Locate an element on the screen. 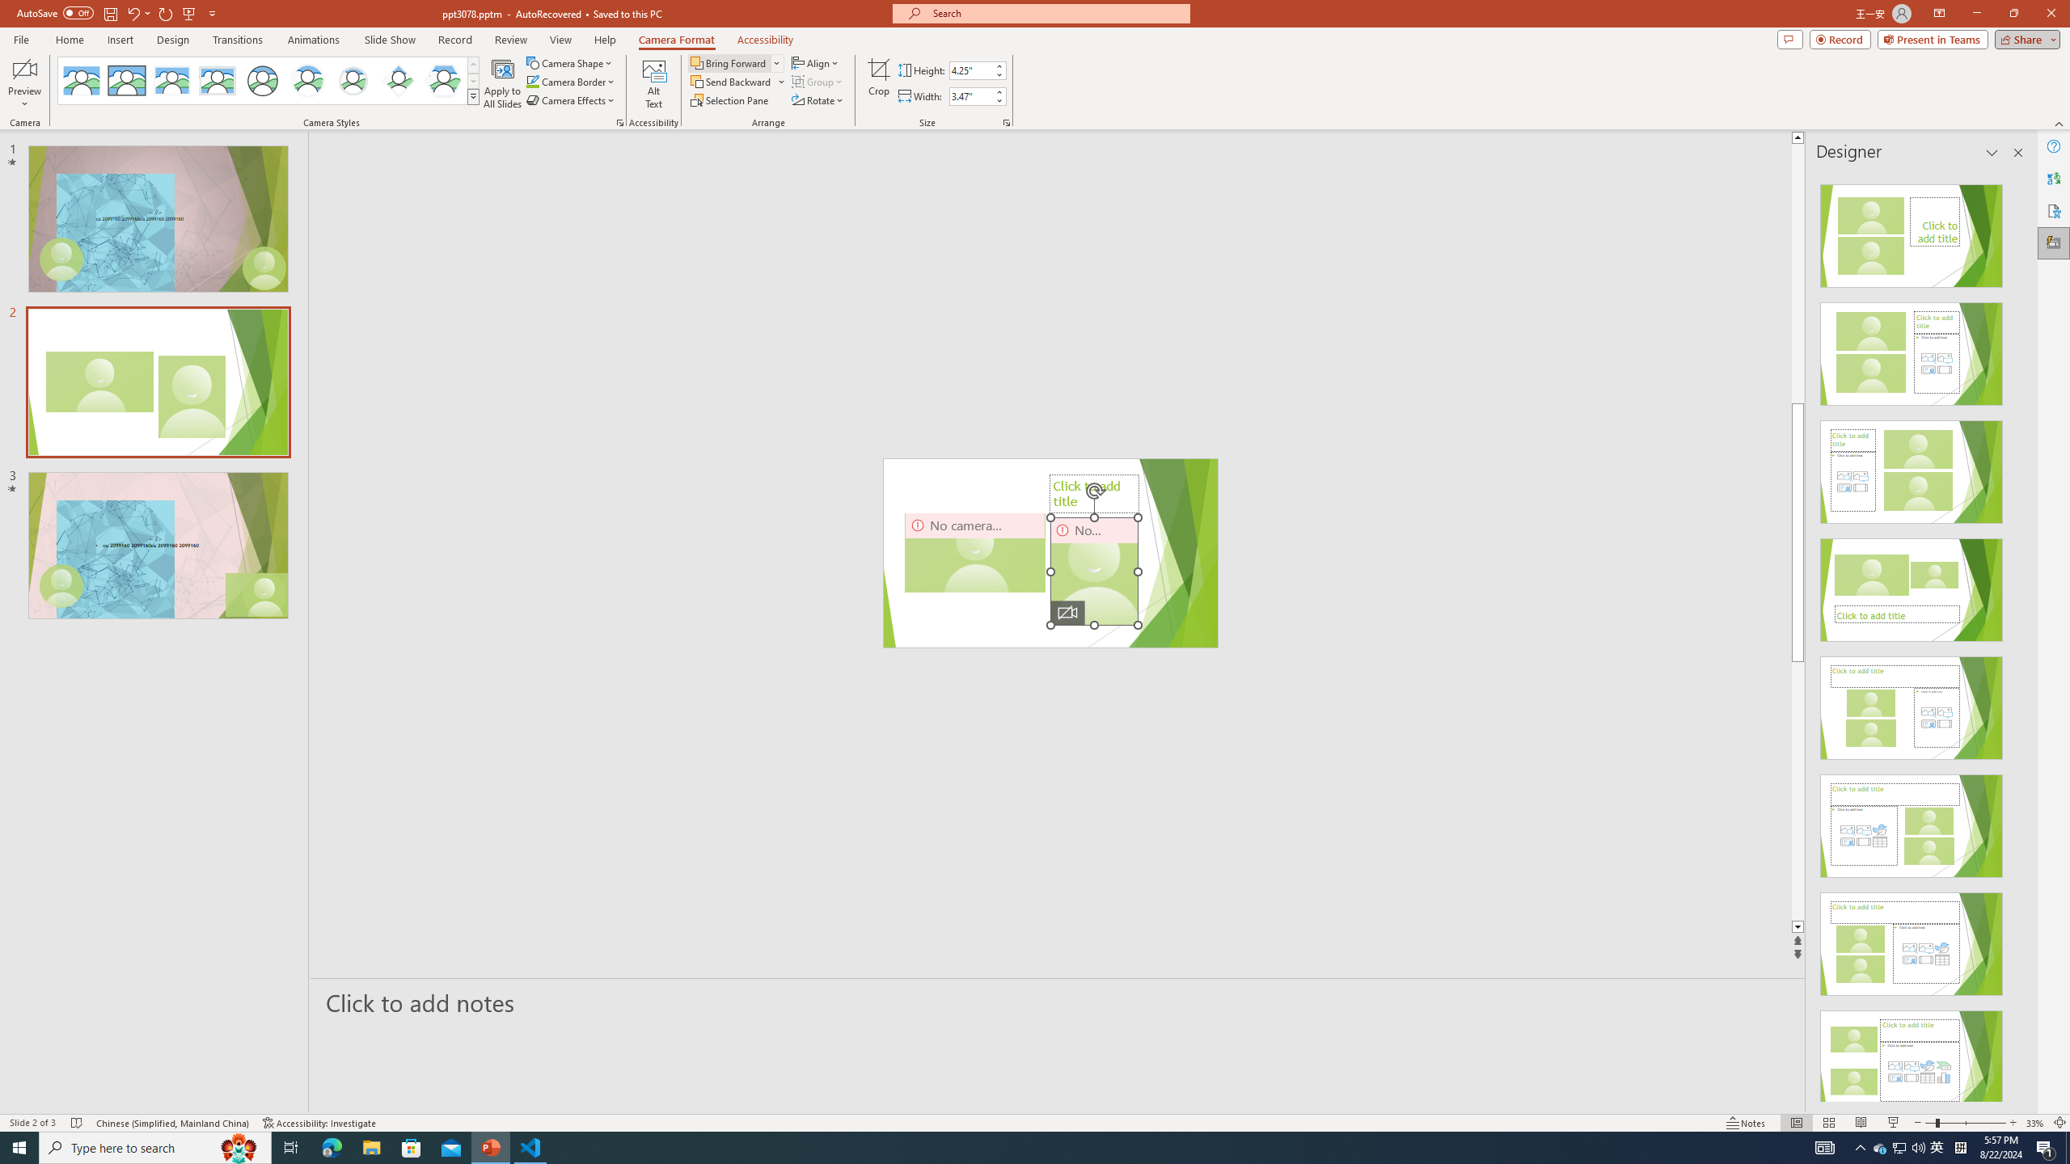 The height and width of the screenshot is (1164, 2070). 'Apply to All Slides' is located at coordinates (502, 83).